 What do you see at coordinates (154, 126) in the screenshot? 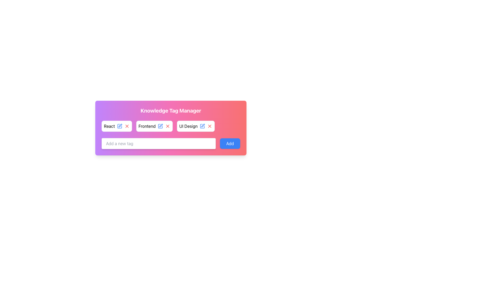
I see `the edit icon on the 'Frontend' tag label to modify the tag` at bounding box center [154, 126].